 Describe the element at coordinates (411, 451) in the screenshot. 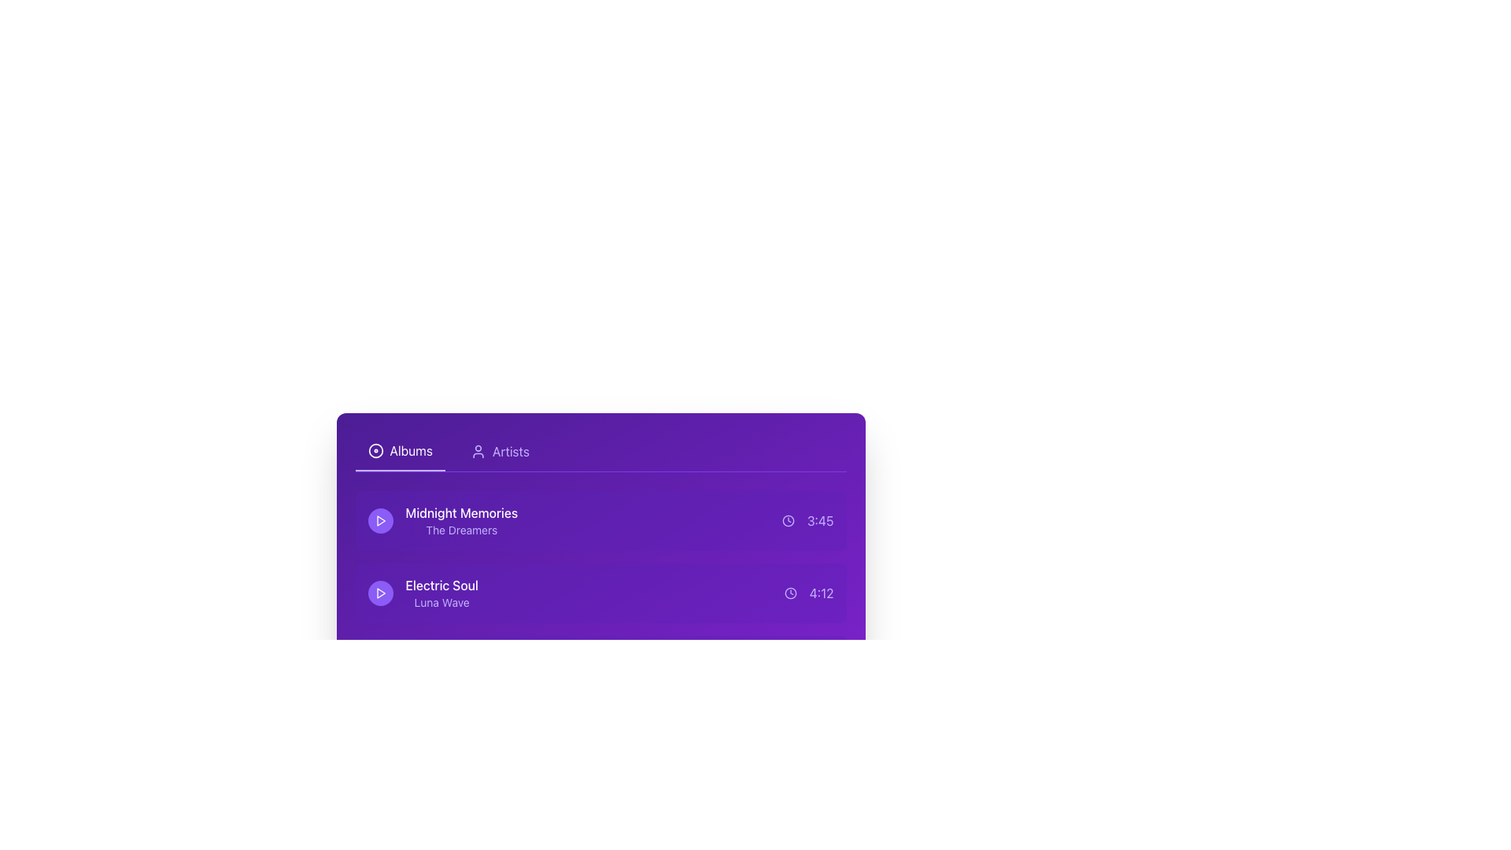

I see `the 'Albums' tab label` at that location.